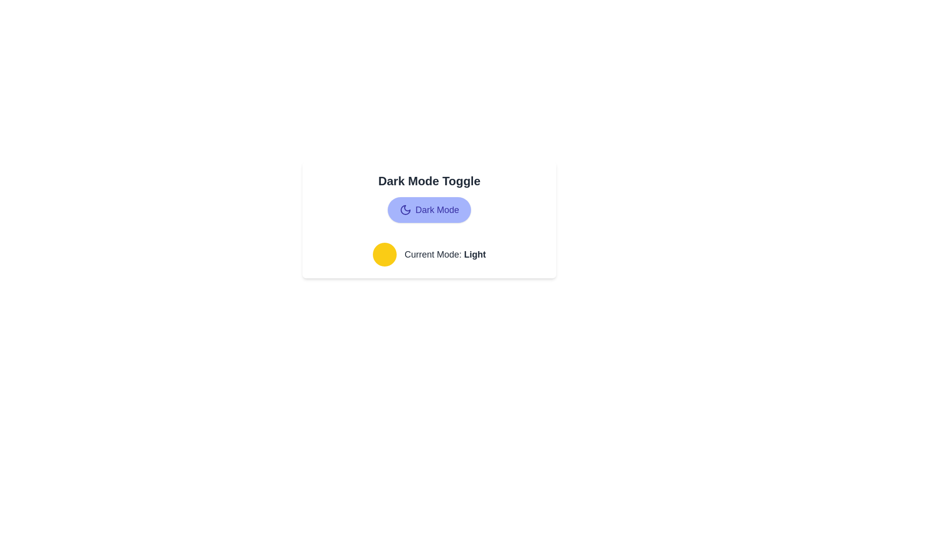  I want to click on the toggle button to see its hover effect, so click(429, 210).